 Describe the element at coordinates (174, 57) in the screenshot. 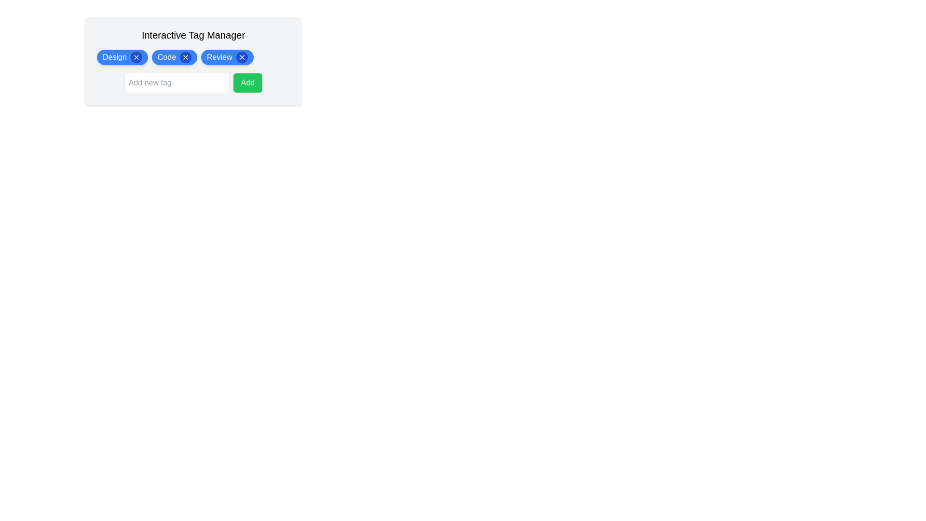

I see `the close button on the blue 'Code' tag` at that location.